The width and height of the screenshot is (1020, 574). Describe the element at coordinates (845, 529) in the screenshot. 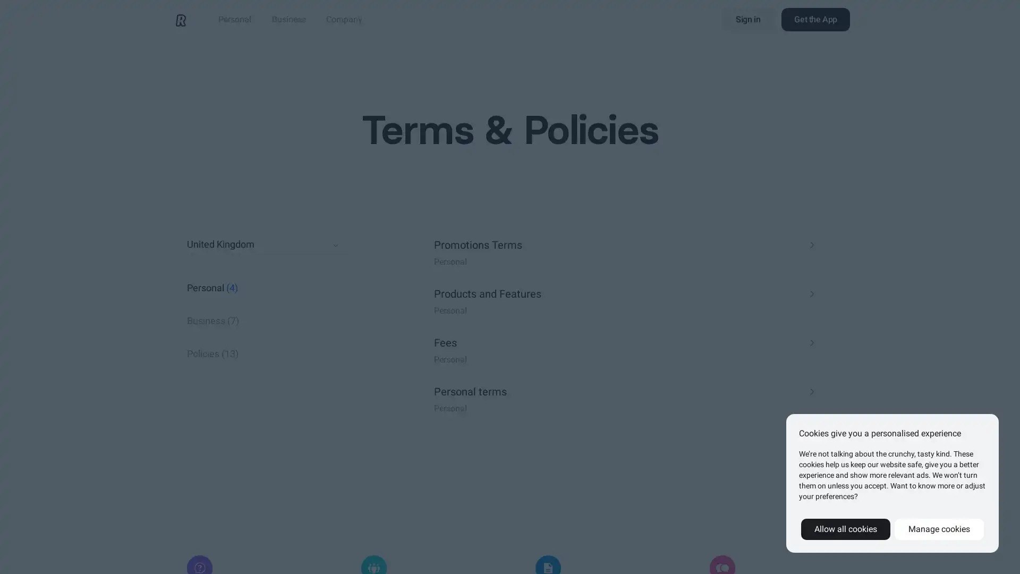

I see `Allow all cookies` at that location.